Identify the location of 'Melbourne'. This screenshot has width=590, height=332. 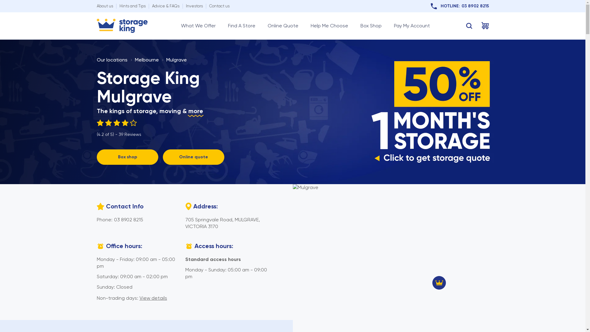
(146, 60).